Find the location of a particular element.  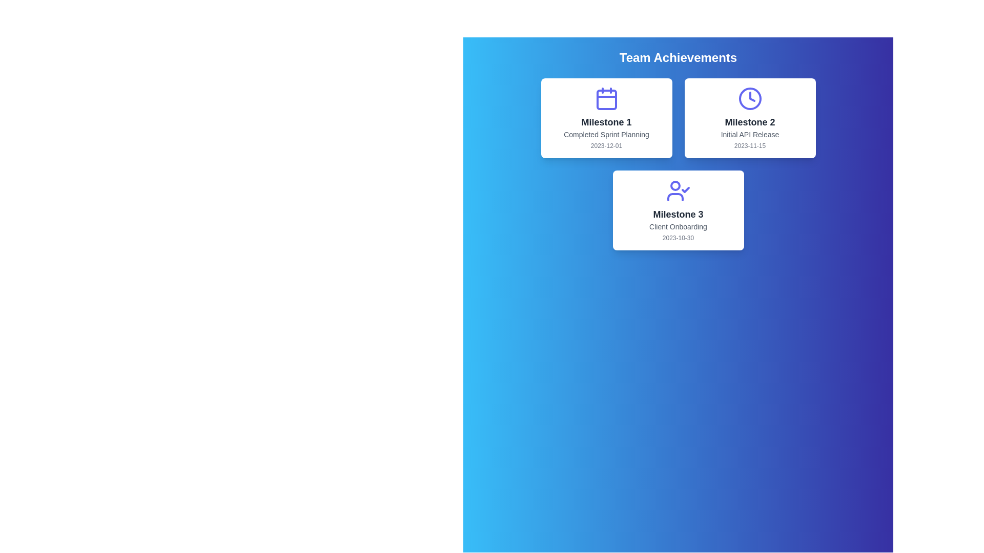

the Date label displaying '2023-11-15' in gray font, which is positioned below 'Initial API Release' on the 'Milestone 2' card is located at coordinates (750, 146).